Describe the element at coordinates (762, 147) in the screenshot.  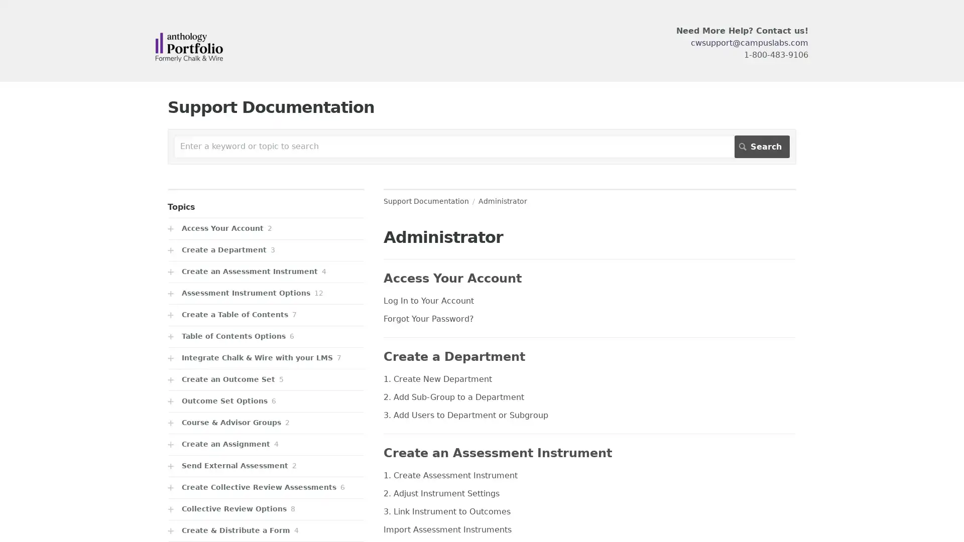
I see `Search` at that location.